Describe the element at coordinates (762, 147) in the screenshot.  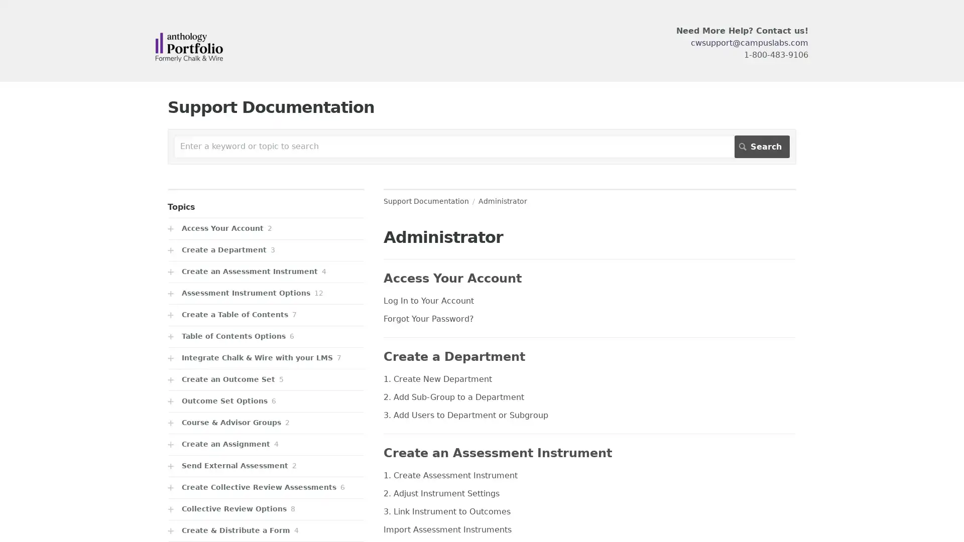
I see `Search` at that location.